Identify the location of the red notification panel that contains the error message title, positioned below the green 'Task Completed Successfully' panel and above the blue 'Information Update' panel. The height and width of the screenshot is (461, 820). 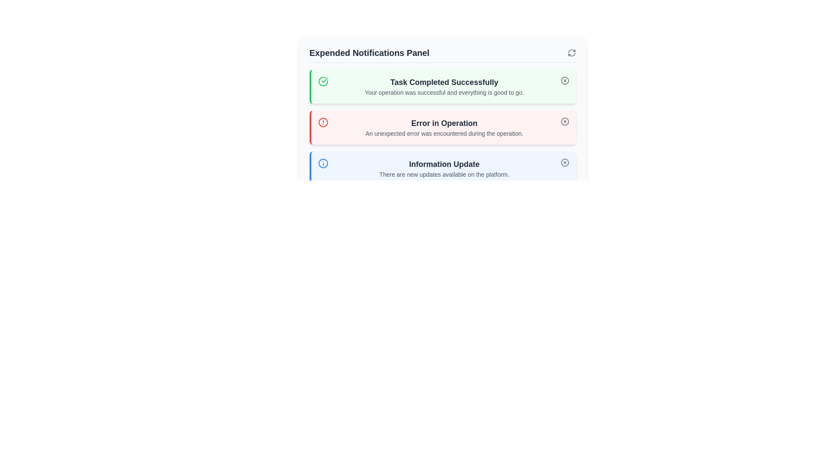
(444, 123).